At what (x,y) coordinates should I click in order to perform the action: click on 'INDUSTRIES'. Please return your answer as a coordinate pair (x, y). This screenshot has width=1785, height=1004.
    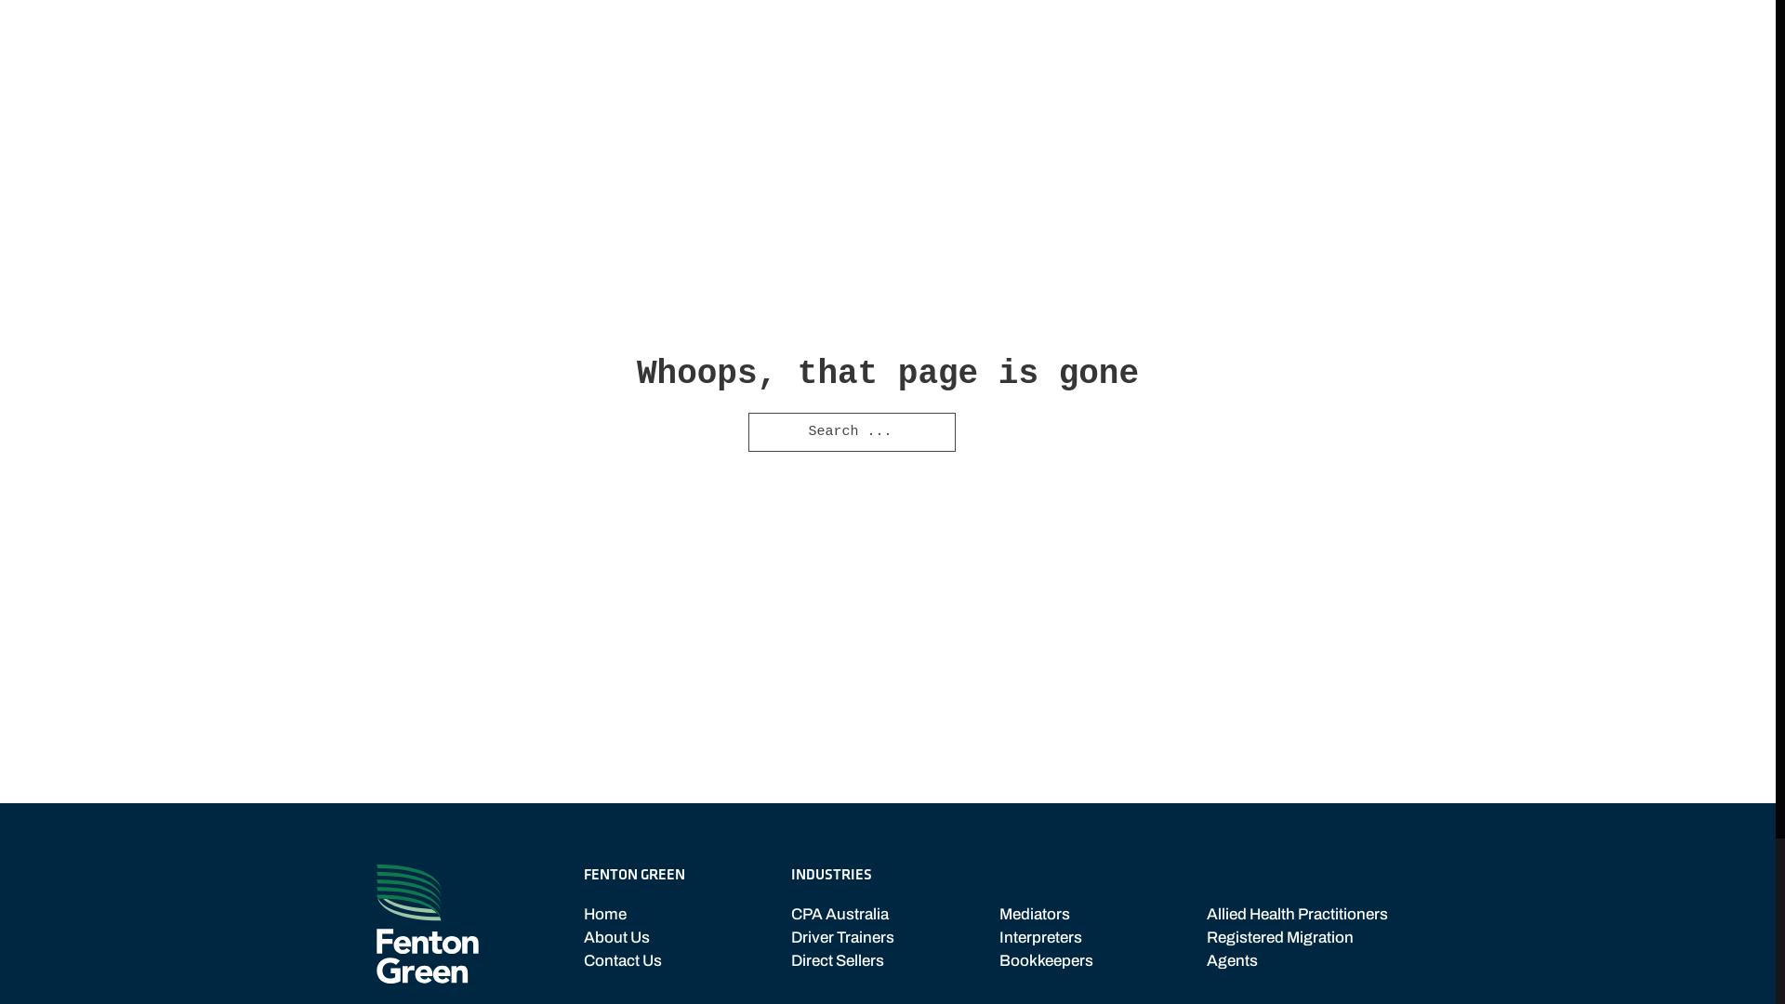
    Looking at the image, I should click on (1200, 36).